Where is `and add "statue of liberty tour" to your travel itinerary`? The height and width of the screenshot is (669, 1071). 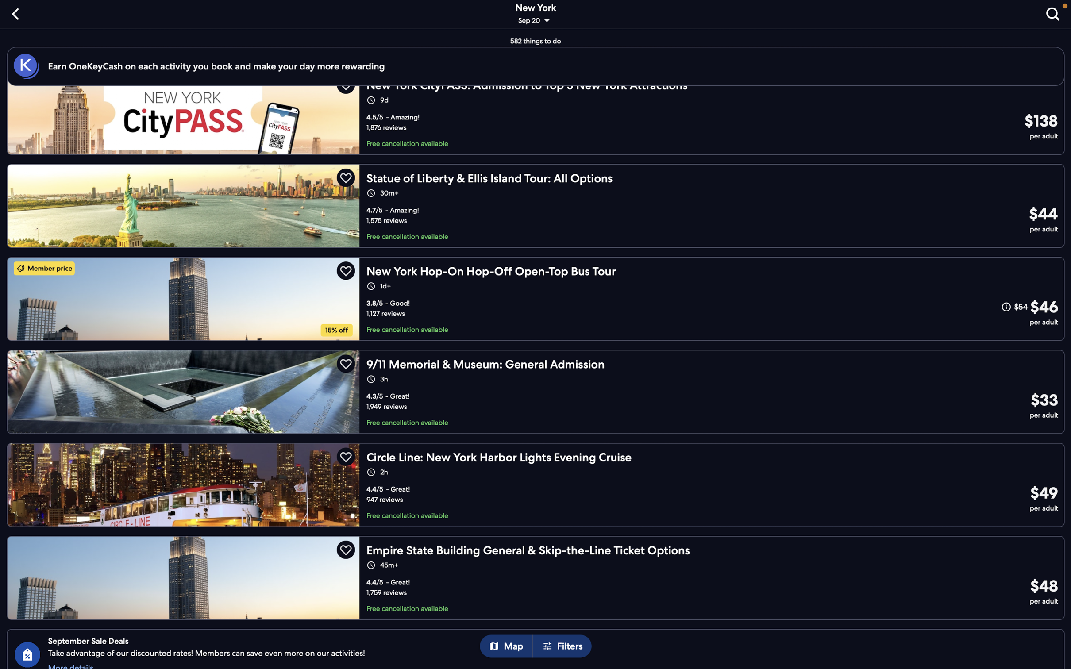 and add "statue of liberty tour" to your travel itinerary is located at coordinates (536, 204).